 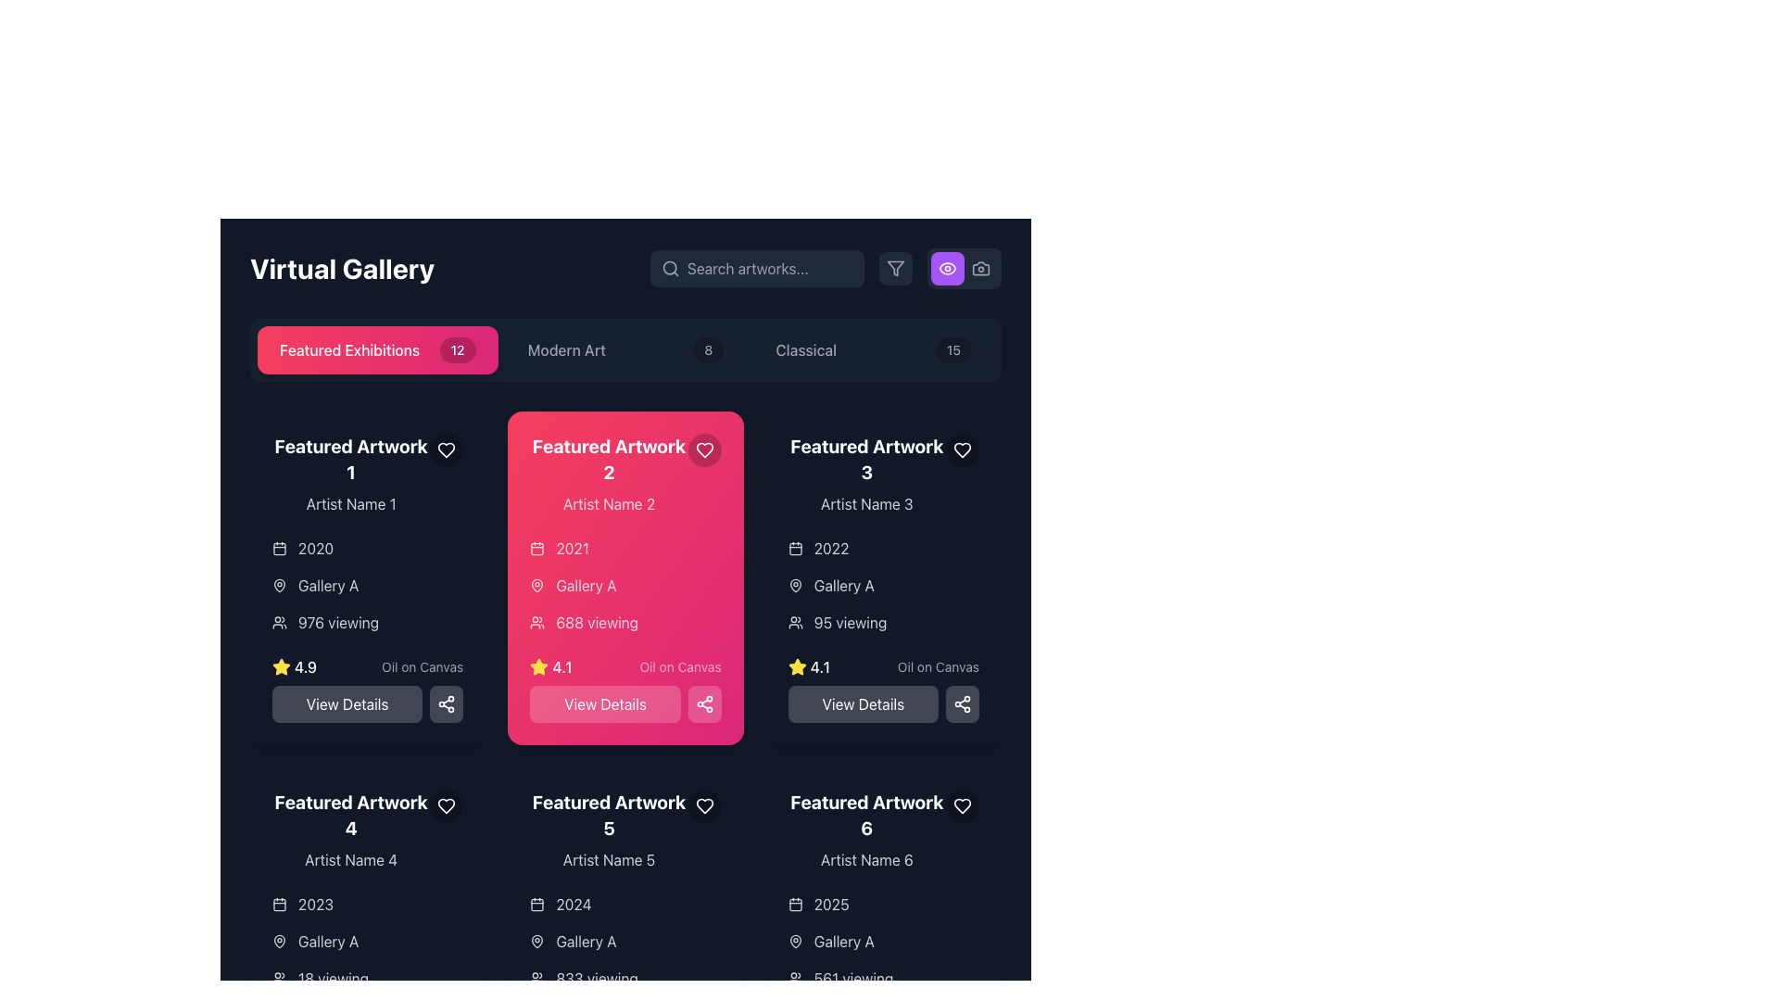 What do you see at coordinates (947, 268) in the screenshot?
I see `the visibility toggle icon located in the top-right corner of the app interface, next to the camera icon and to the right of the search bar` at bounding box center [947, 268].